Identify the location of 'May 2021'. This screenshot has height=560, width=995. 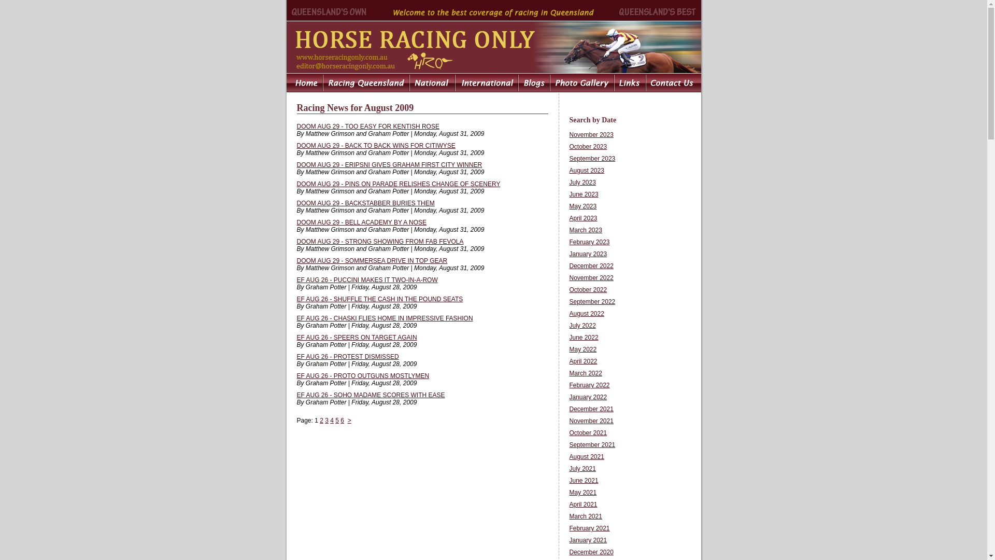
(582, 492).